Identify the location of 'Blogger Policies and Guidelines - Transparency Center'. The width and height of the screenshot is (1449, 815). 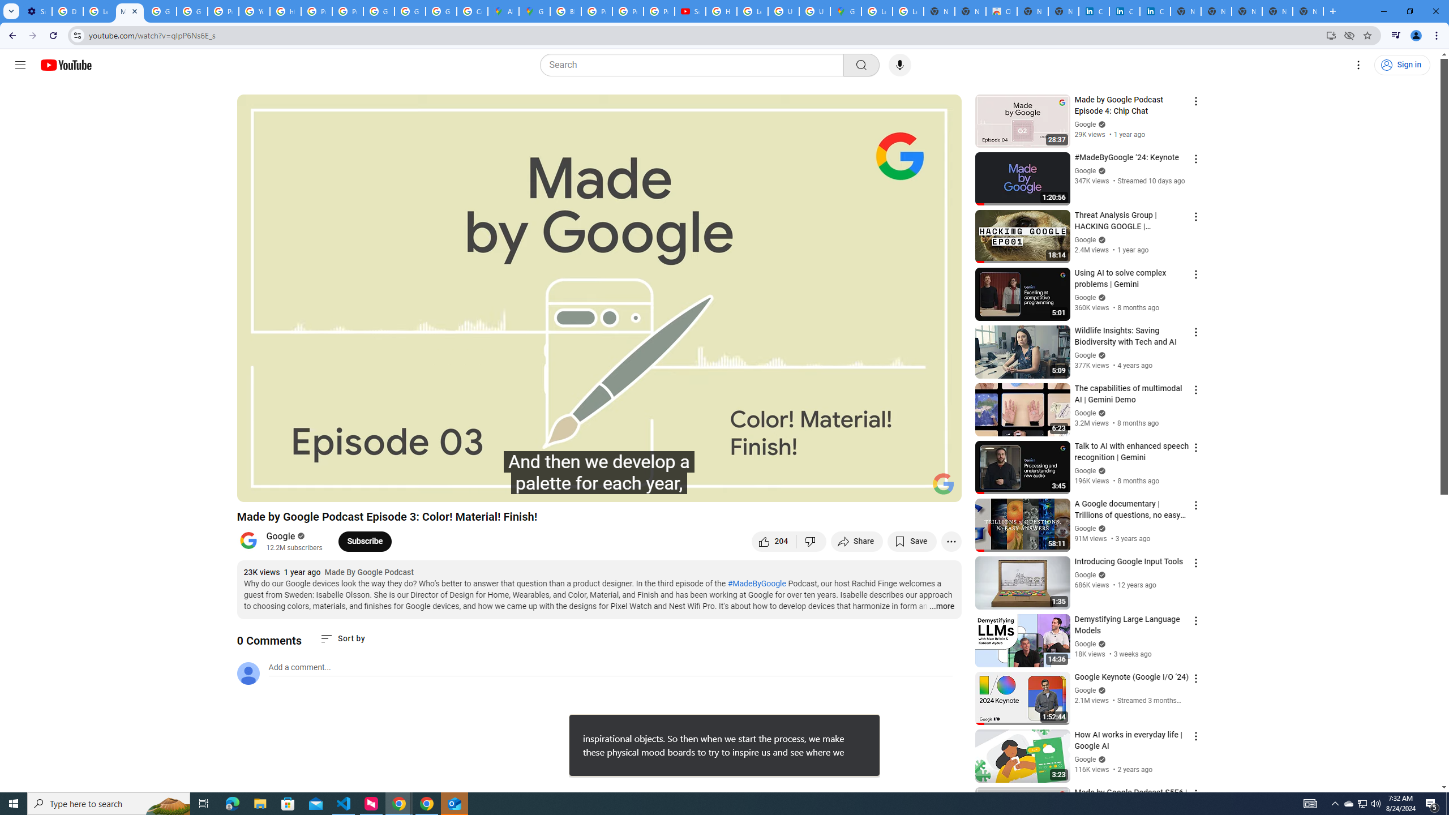
(565, 11).